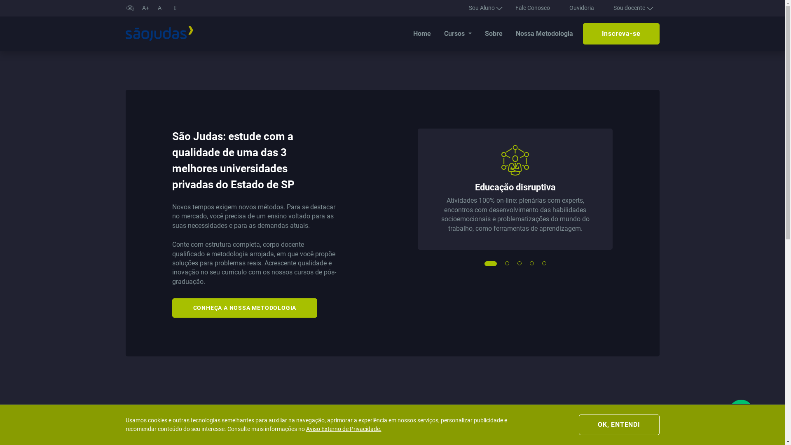 This screenshot has height=445, width=791. What do you see at coordinates (494, 33) in the screenshot?
I see `'Sobre'` at bounding box center [494, 33].